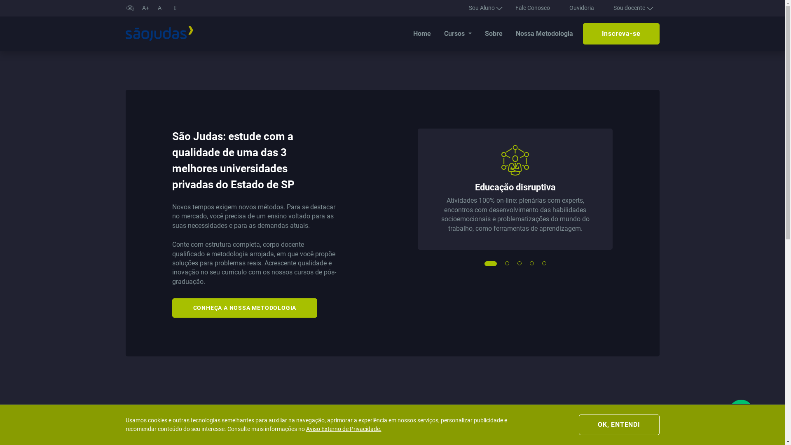 This screenshot has height=445, width=791. What do you see at coordinates (494, 33) in the screenshot?
I see `'Sobre'` at bounding box center [494, 33].